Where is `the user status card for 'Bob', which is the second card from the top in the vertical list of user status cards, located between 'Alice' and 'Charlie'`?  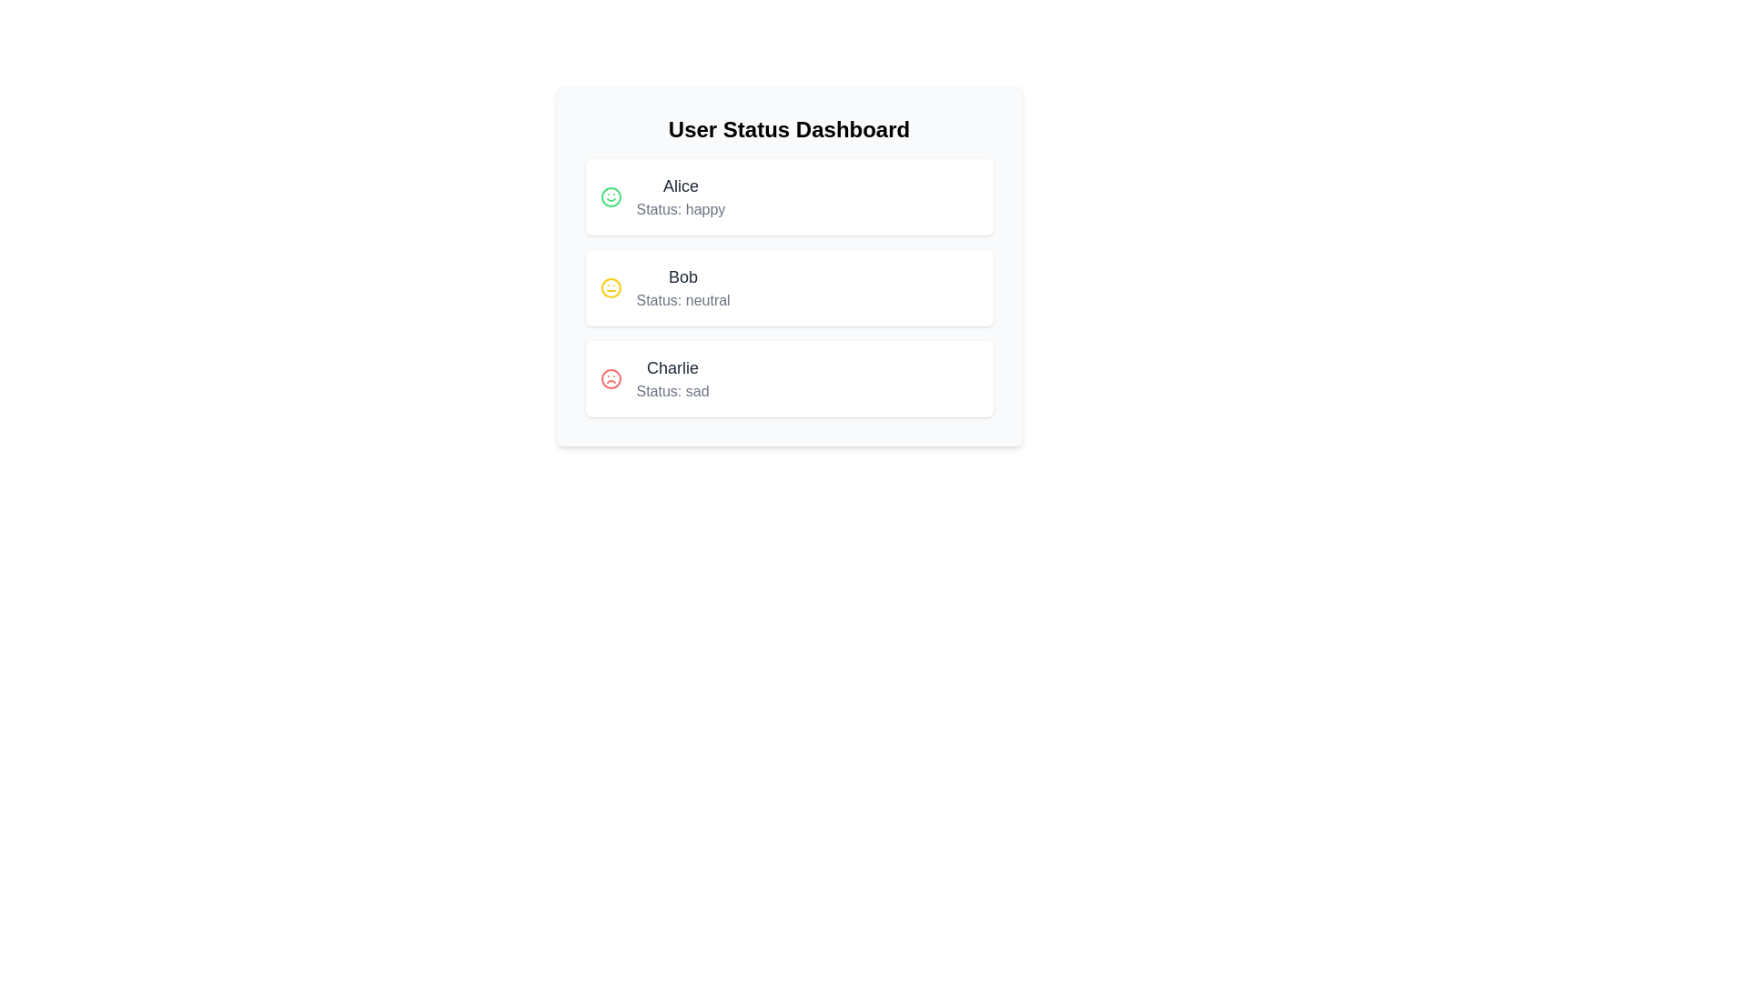 the user status card for 'Bob', which is the second card from the top in the vertical list of user status cards, located between 'Alice' and 'Charlie' is located at coordinates (789, 286).